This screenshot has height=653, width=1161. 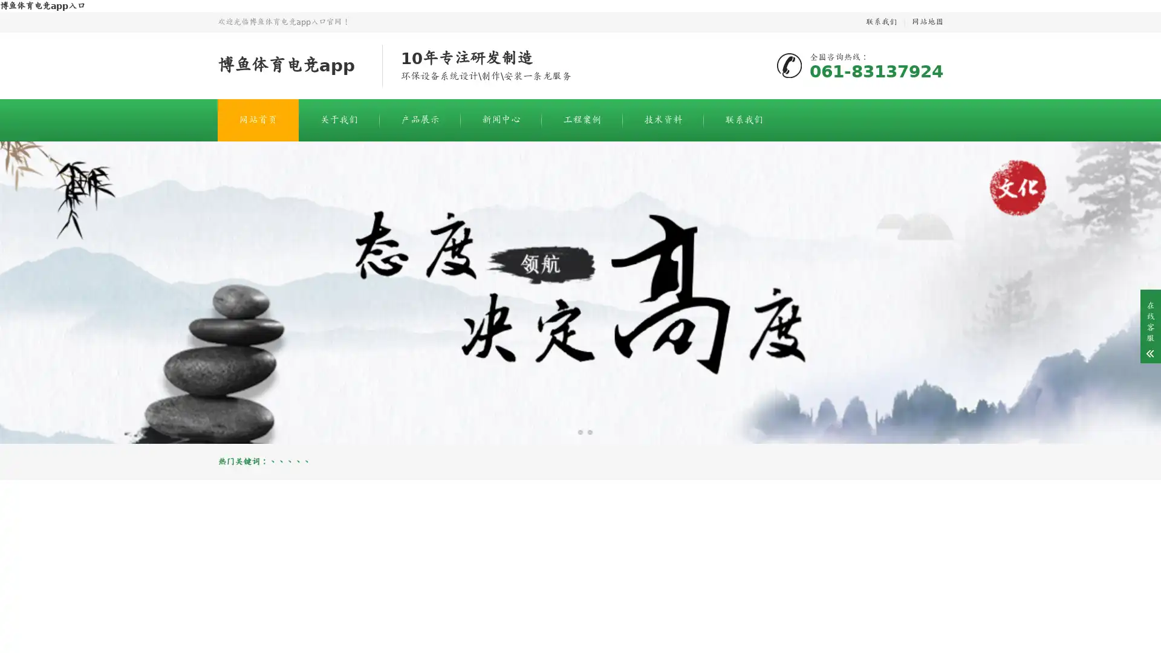 What do you see at coordinates (590, 431) in the screenshot?
I see `Go to slide 3` at bounding box center [590, 431].